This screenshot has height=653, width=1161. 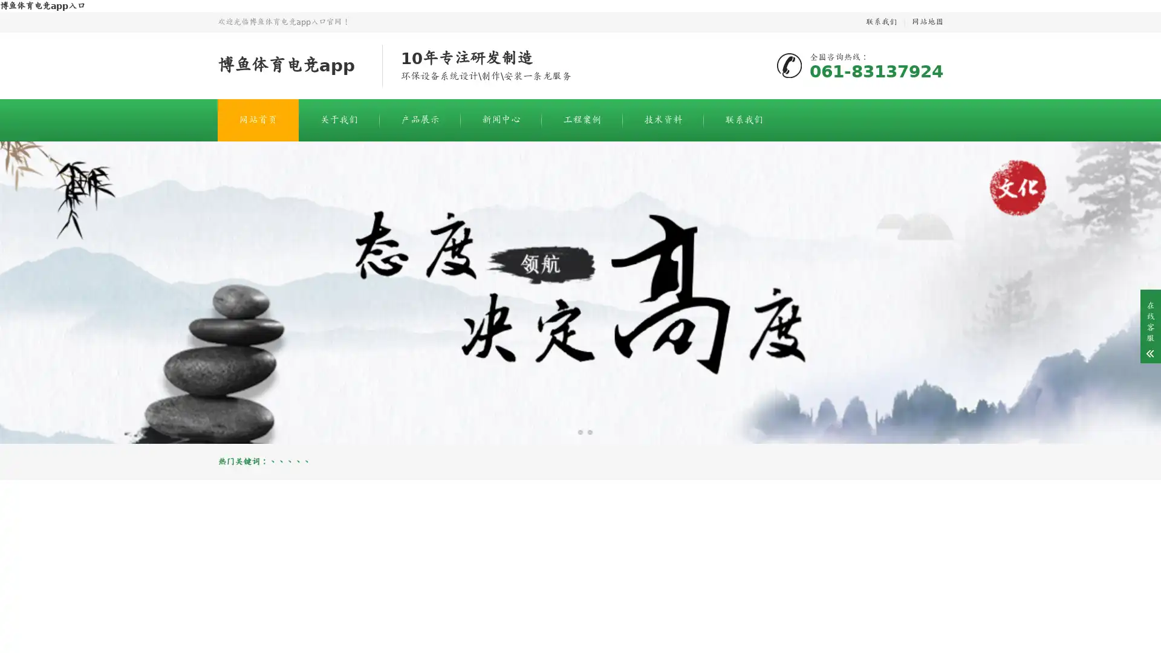 What do you see at coordinates (590, 431) in the screenshot?
I see `Go to slide 3` at bounding box center [590, 431].